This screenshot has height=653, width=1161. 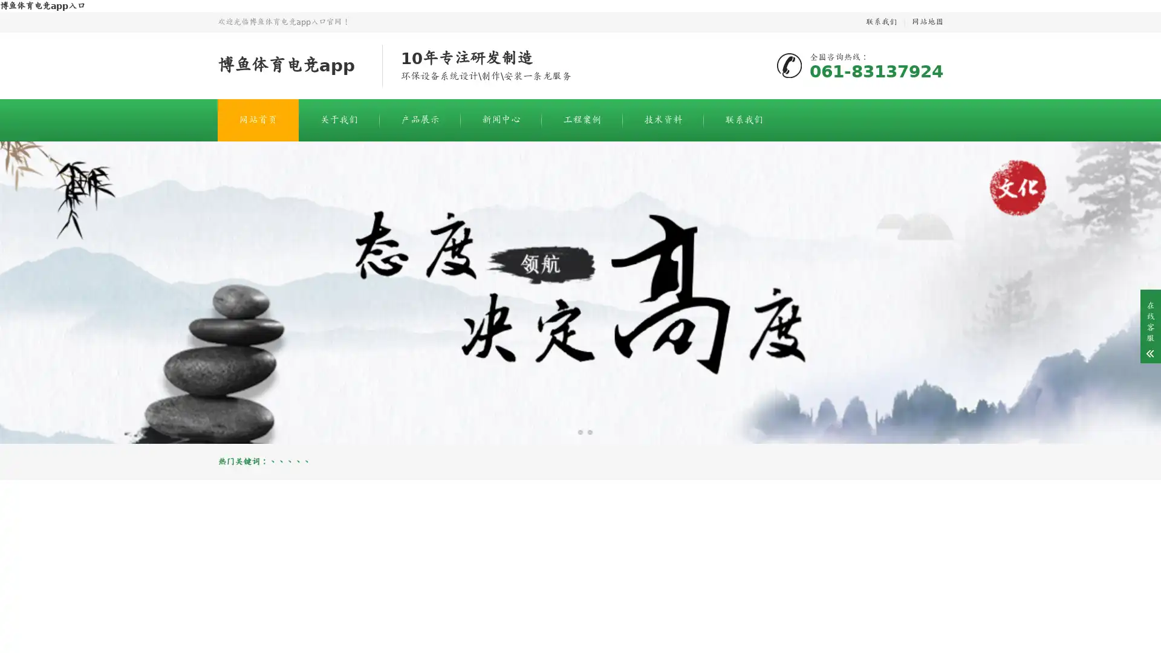 What do you see at coordinates (590, 431) in the screenshot?
I see `Go to slide 3` at bounding box center [590, 431].